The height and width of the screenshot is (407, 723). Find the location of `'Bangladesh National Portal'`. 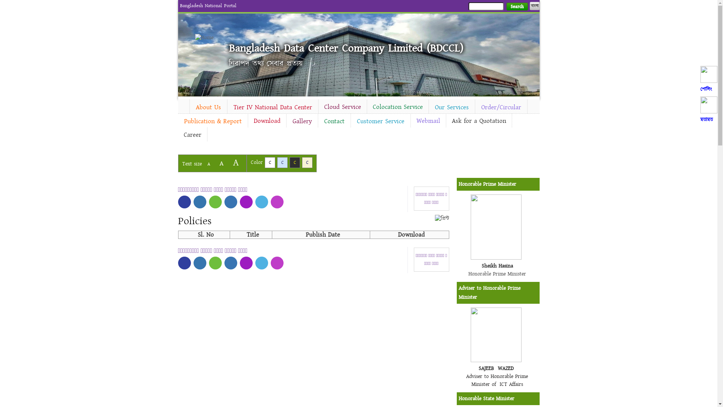

'Bangladesh National Portal' is located at coordinates (208, 6).